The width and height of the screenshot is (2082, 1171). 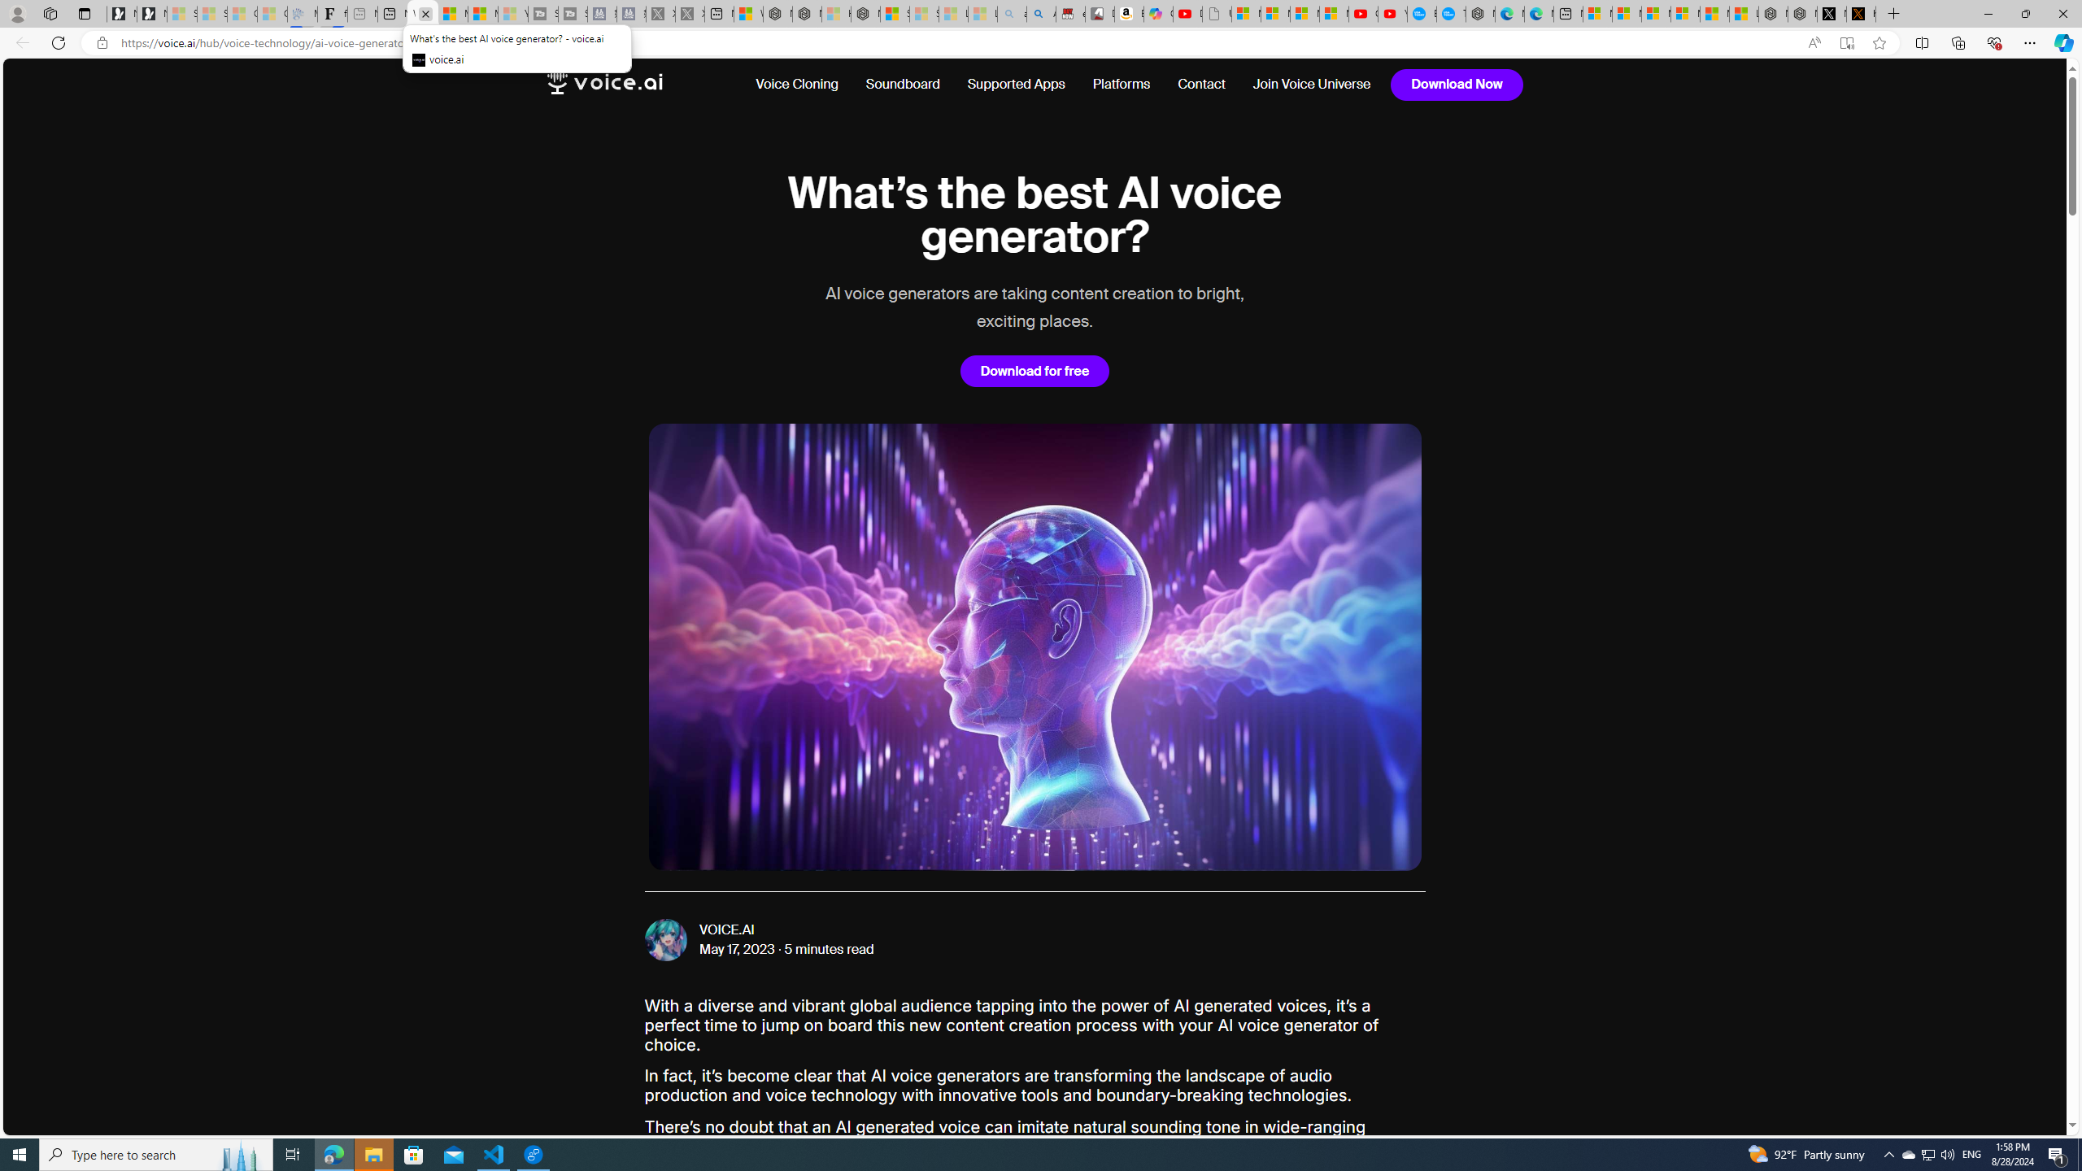 What do you see at coordinates (737, 949) in the screenshot?
I see `'May 17, 2023'` at bounding box center [737, 949].